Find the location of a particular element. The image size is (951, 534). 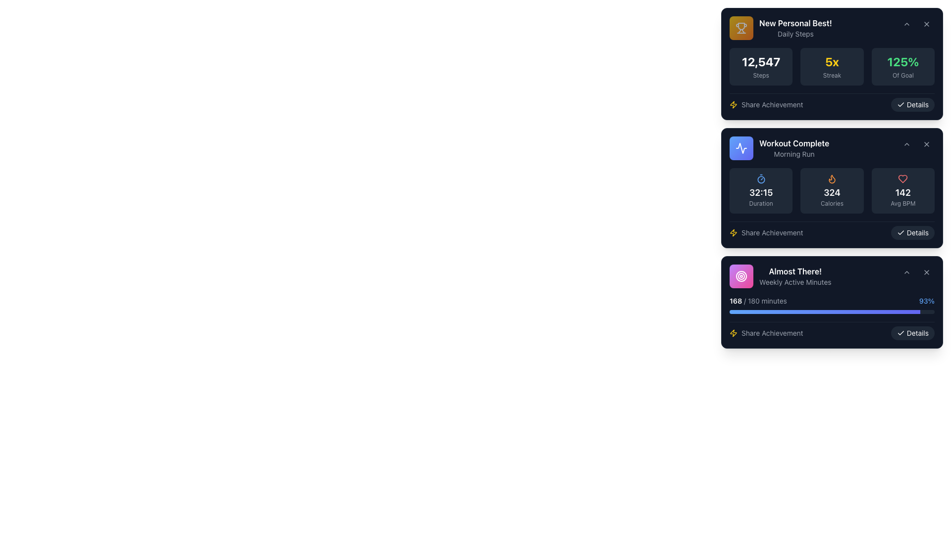

the label that indicates the average beats per minute '142' within the 'Workout Complete - Morning Run' card is located at coordinates (903, 203).